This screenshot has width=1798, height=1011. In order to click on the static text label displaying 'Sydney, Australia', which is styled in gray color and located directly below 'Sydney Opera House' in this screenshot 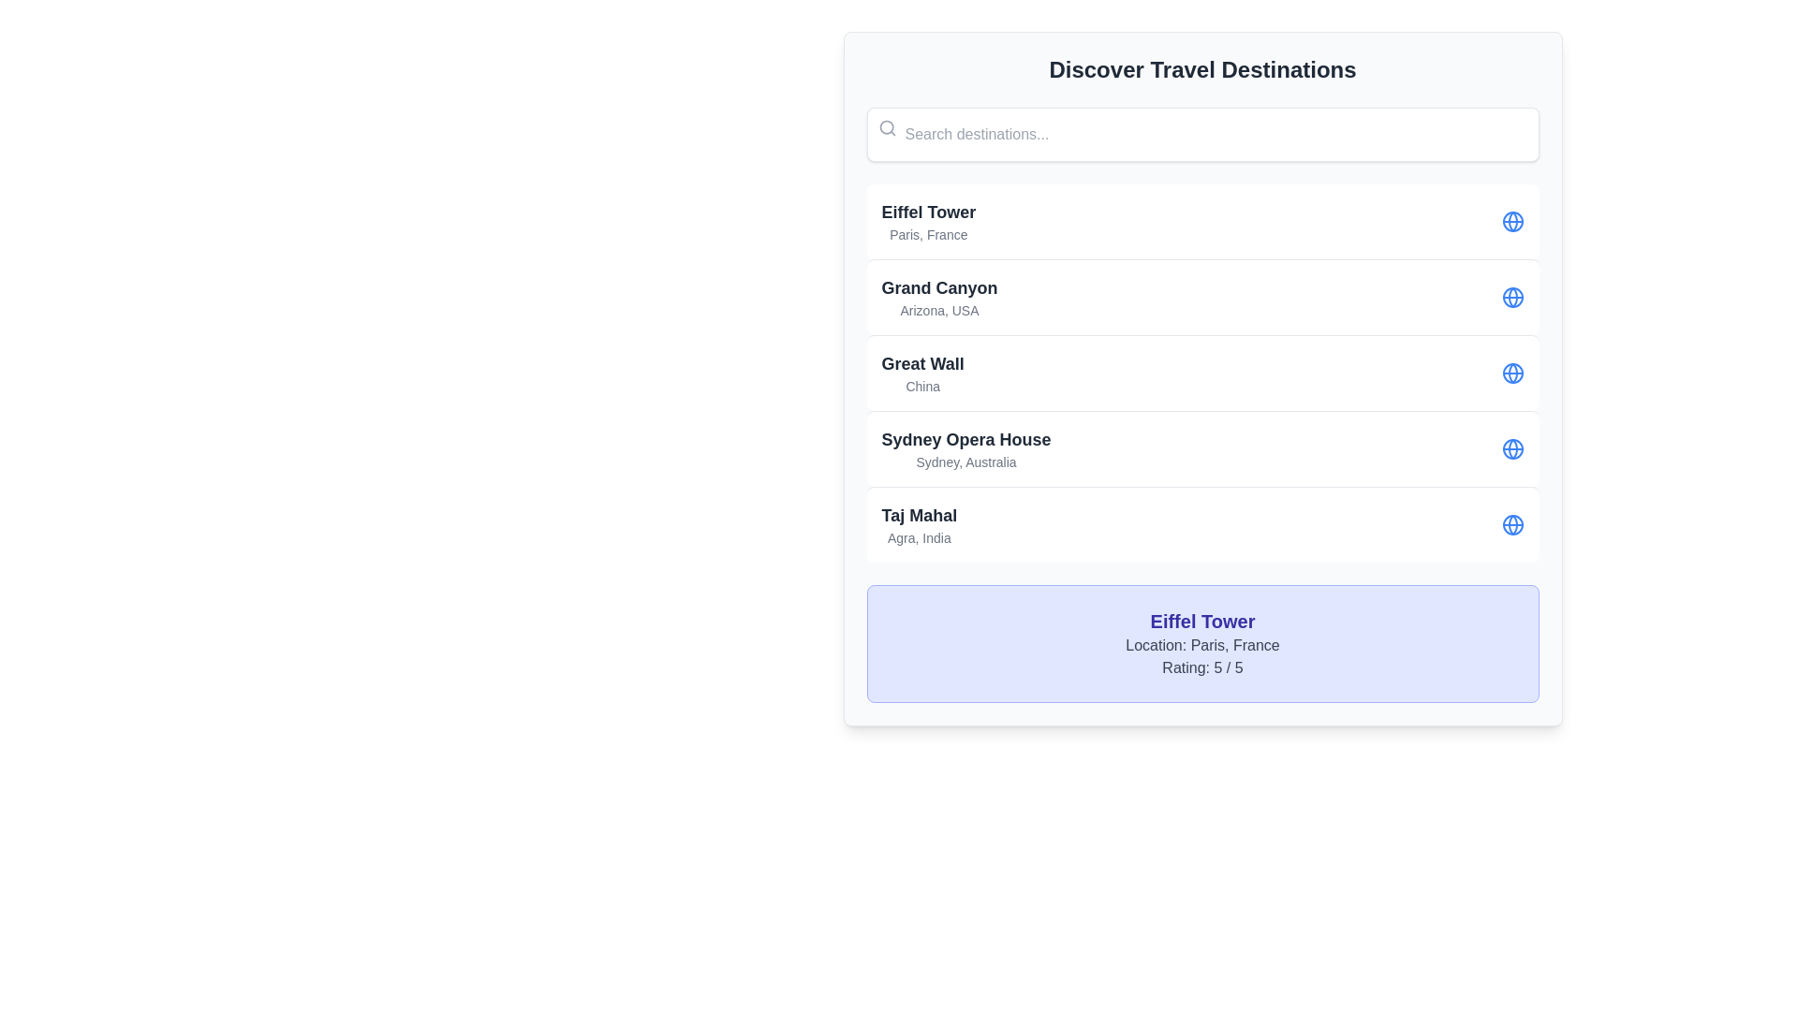, I will do `click(966, 462)`.